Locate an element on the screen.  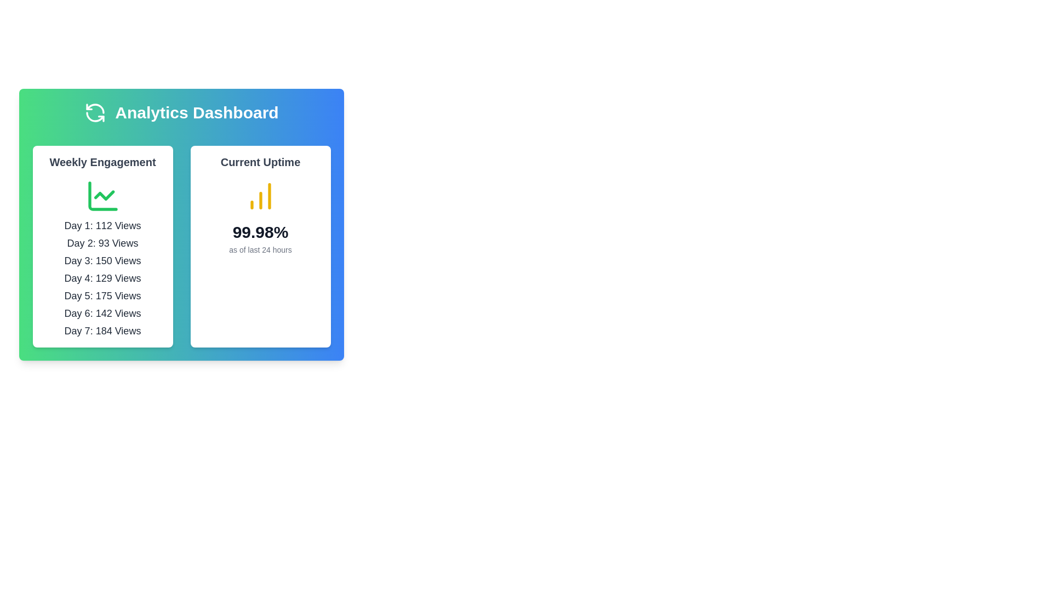
the text label displaying 'Day 3: 150 Views', which is the third item in the vertical list of daily view counts in the 'Weekly Engagement' section is located at coordinates (102, 260).